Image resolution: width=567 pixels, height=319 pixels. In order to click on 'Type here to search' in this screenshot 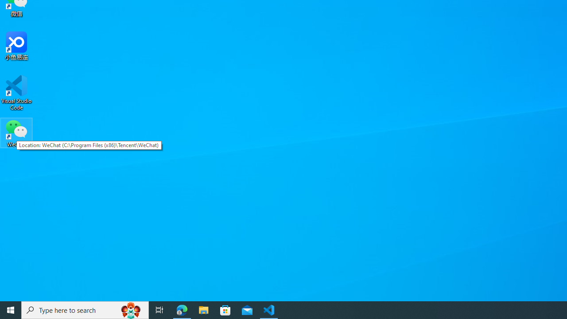, I will do `click(85, 309)`.